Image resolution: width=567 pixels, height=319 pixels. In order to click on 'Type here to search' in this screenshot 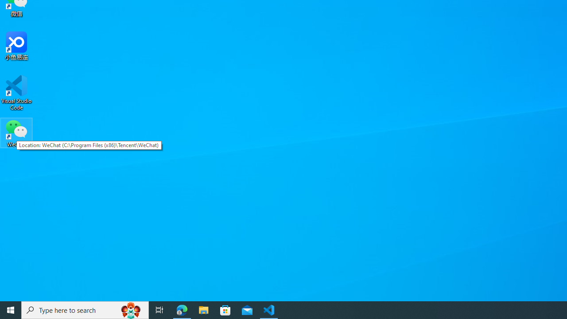, I will do `click(85, 309)`.